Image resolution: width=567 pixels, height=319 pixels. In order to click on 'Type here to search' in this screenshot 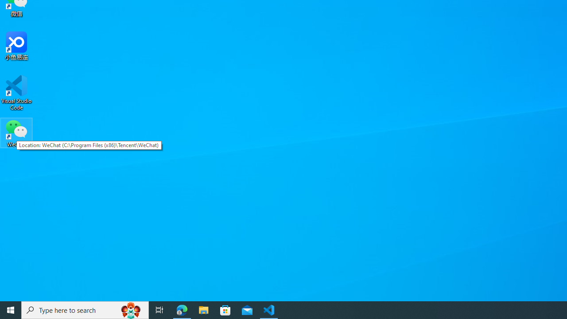, I will do `click(85, 309)`.